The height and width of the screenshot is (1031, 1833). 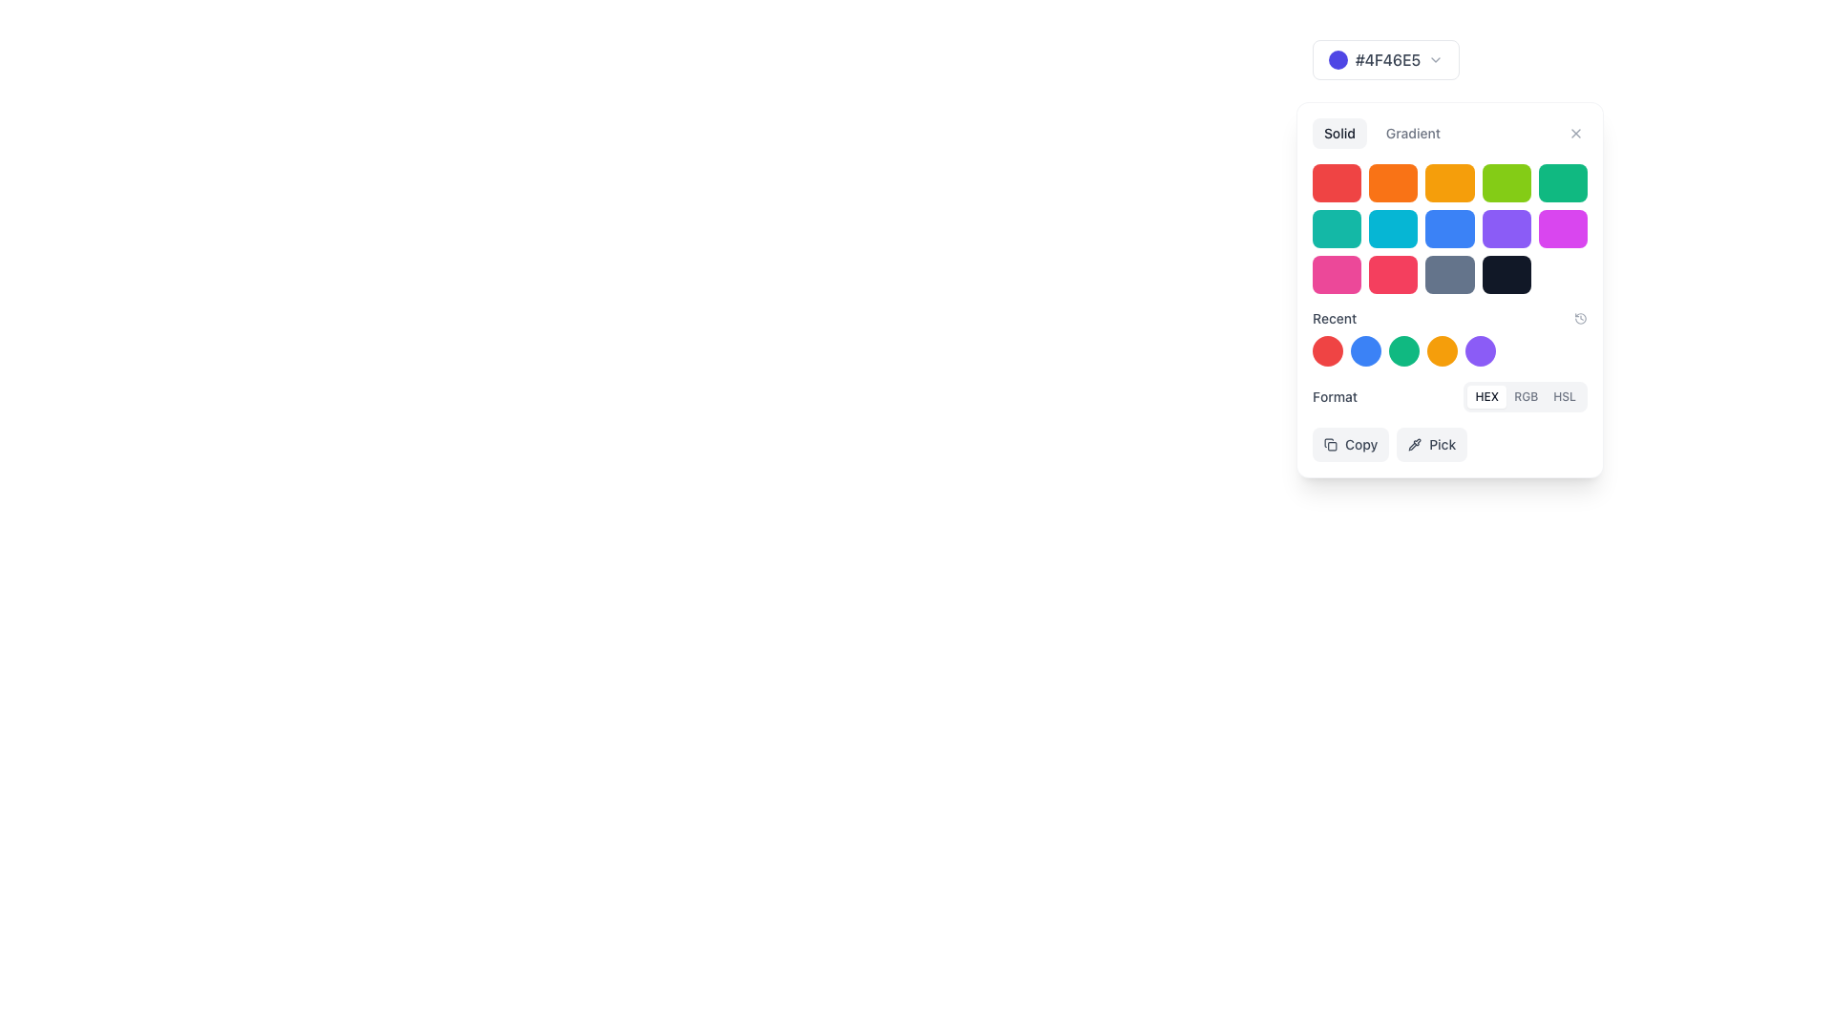 I want to click on the Static Text Label displaying 'Recent' in gray color, located under the 'Solid' button in the top-right corner of the color selection popup, so click(x=1334, y=318).